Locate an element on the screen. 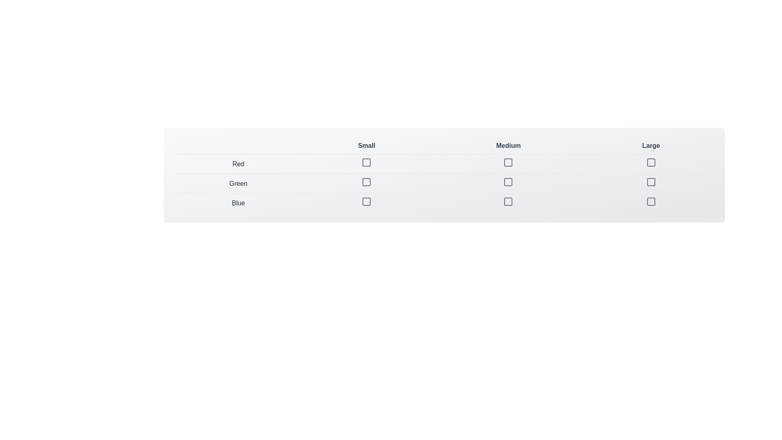 The height and width of the screenshot is (440, 782). the 'Blue' text label in the third row of the table that indicates the option associated with the checkboxes for 'Small' is located at coordinates (238, 202).